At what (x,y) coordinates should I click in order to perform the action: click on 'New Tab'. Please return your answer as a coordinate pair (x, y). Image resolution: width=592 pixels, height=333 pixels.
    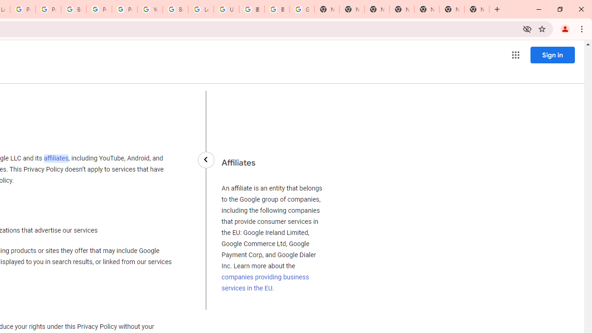
    Looking at the image, I should click on (477, 9).